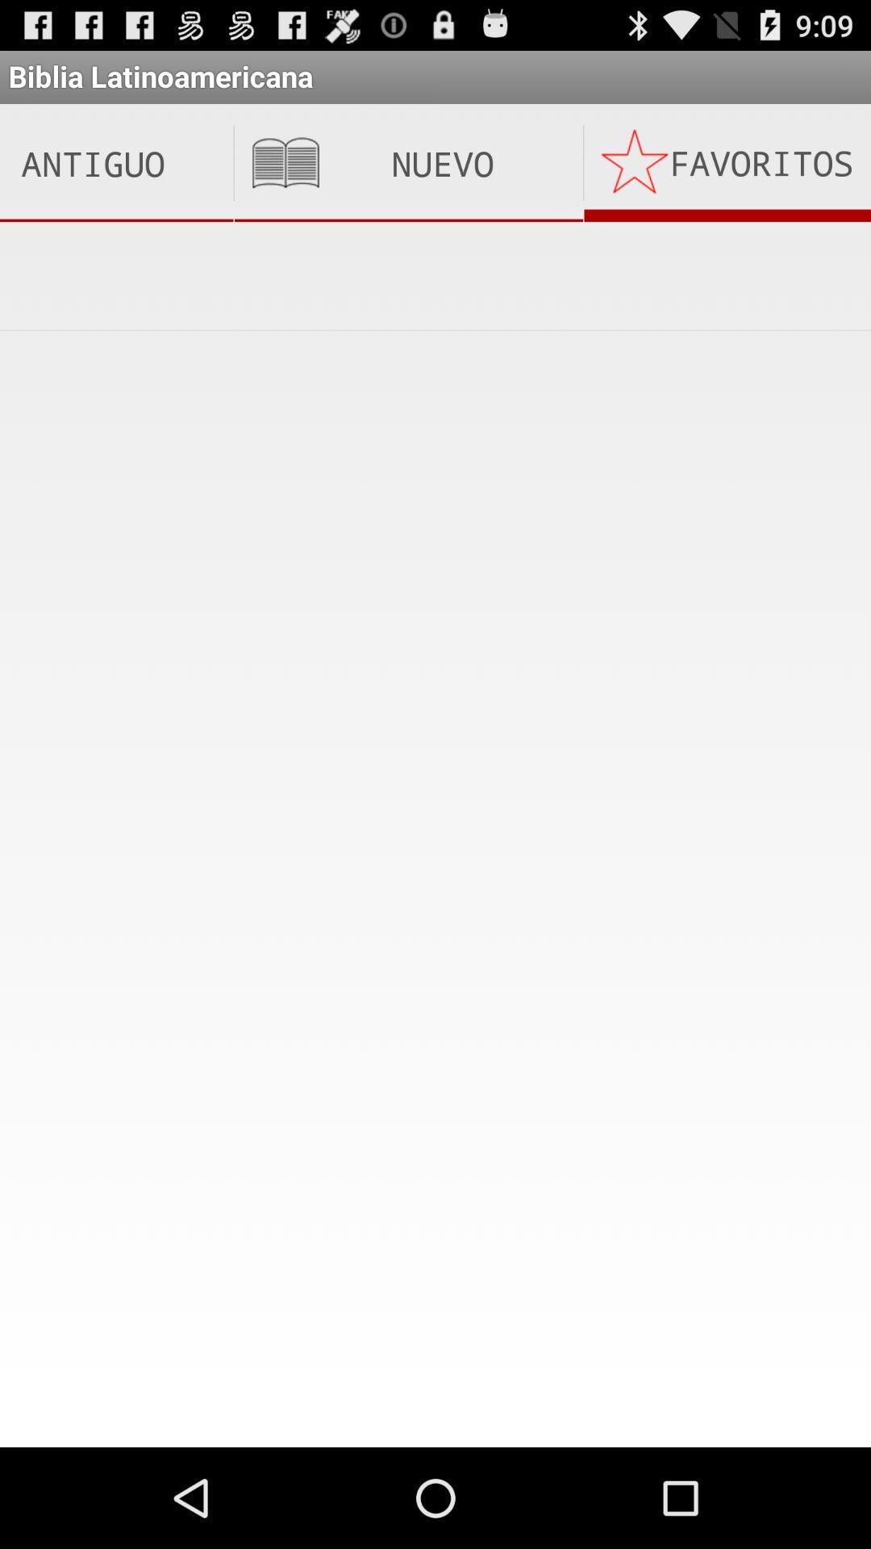  What do you see at coordinates (407, 163) in the screenshot?
I see `the nuevo testamento` at bounding box center [407, 163].